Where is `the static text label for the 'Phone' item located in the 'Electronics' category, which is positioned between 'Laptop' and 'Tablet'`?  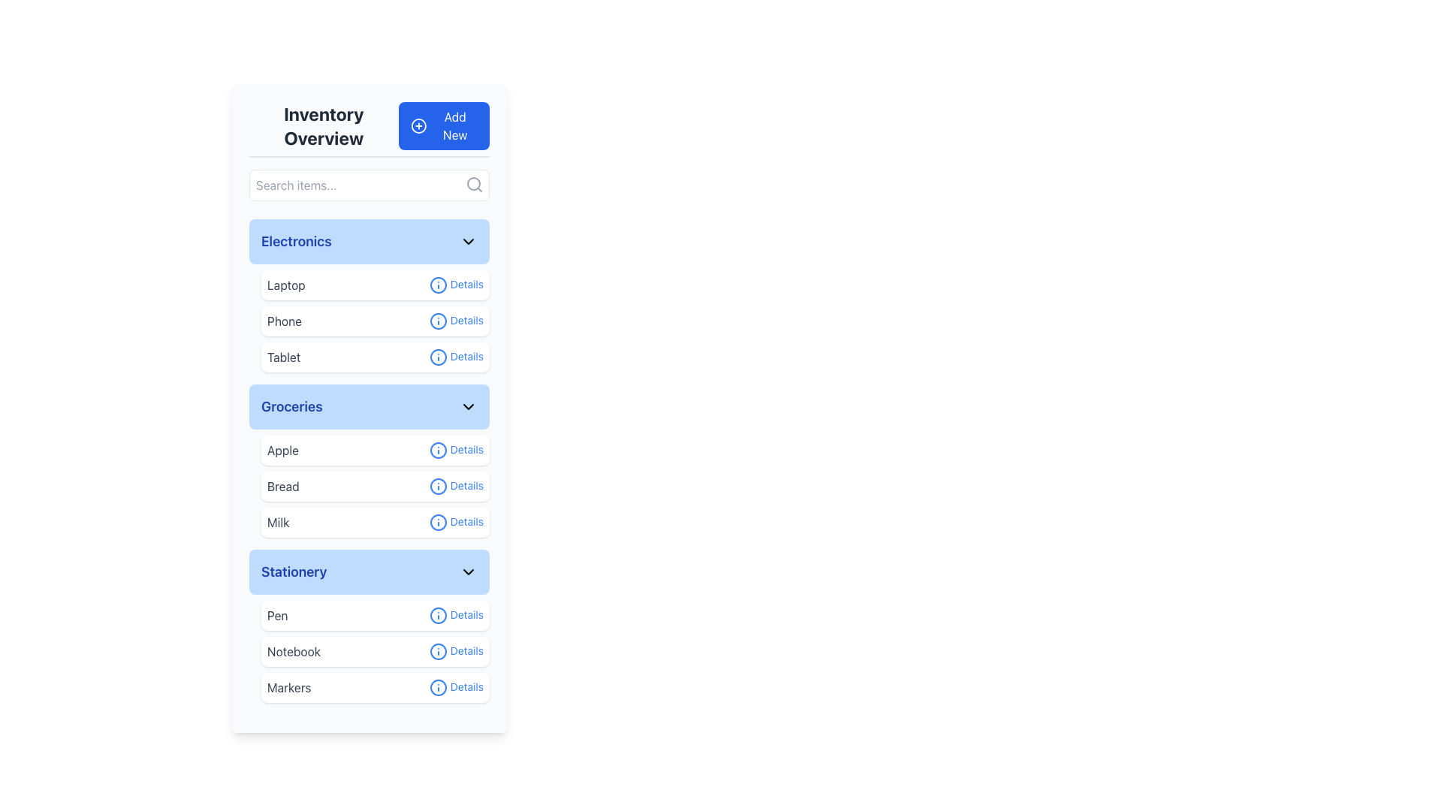
the static text label for the 'Phone' item located in the 'Electronics' category, which is positioned between 'Laptop' and 'Tablet' is located at coordinates (285, 321).